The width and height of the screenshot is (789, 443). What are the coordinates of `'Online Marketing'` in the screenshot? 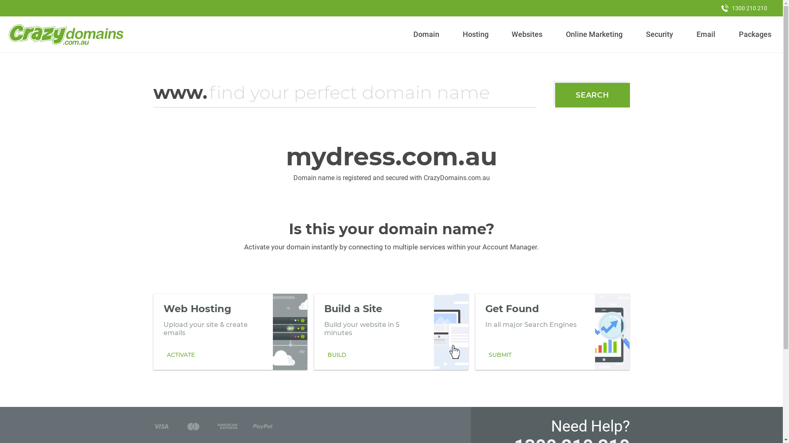 It's located at (594, 34).